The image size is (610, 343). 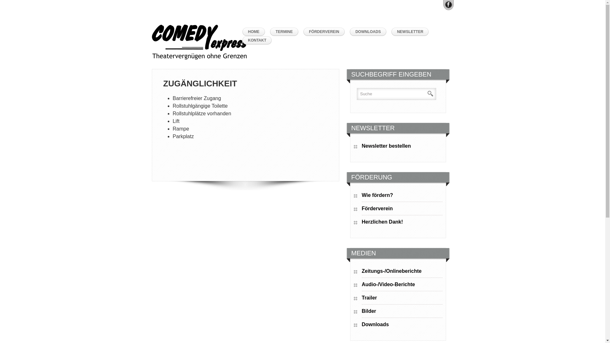 I want to click on 'Newsletter bestellen', so click(x=402, y=147).